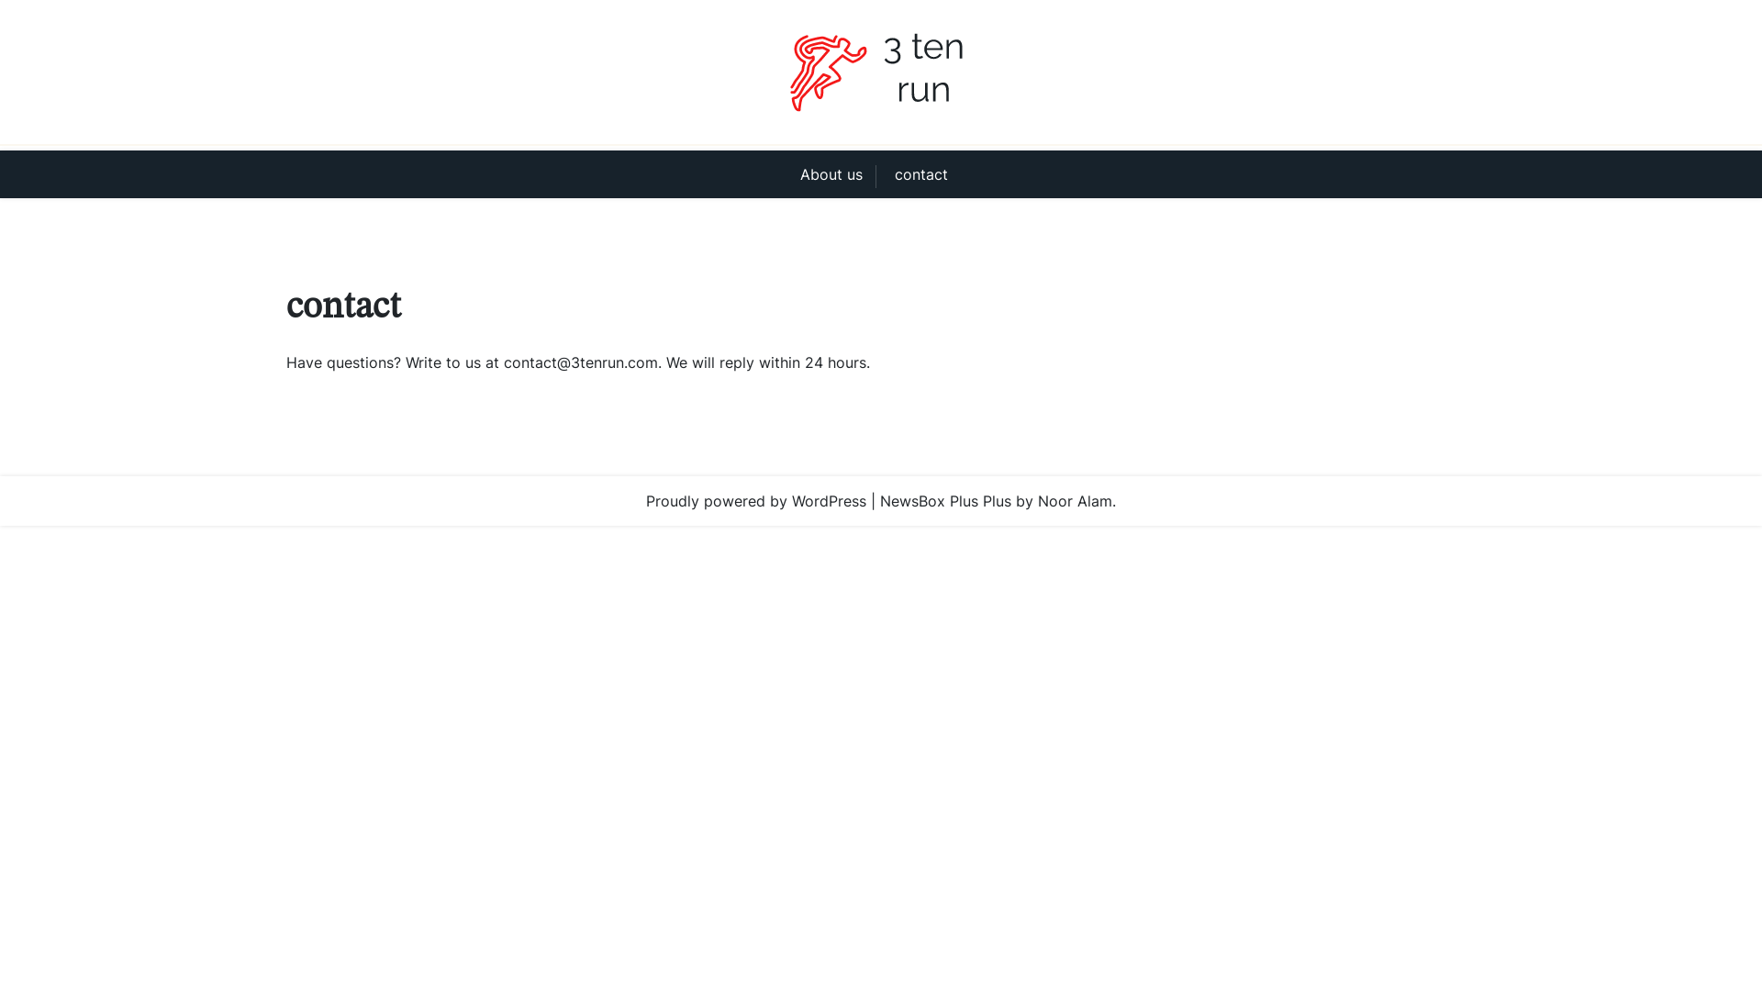 The width and height of the screenshot is (1762, 991). I want to click on 'contact', so click(920, 173).